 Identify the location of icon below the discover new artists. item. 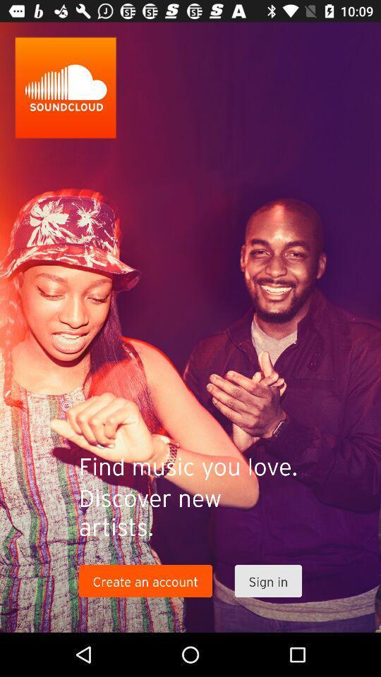
(145, 581).